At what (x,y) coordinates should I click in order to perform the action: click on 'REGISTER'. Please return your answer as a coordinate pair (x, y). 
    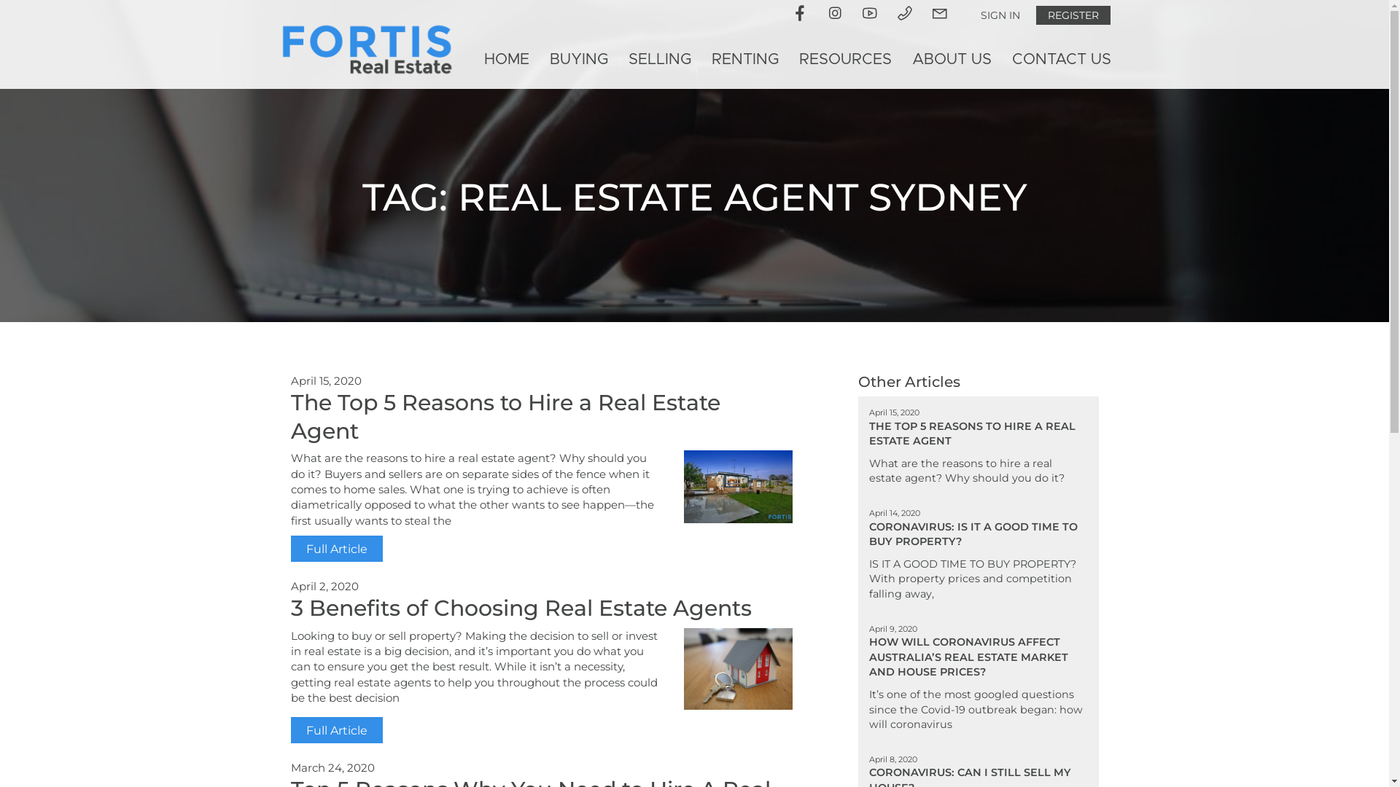
    Looking at the image, I should click on (1072, 15).